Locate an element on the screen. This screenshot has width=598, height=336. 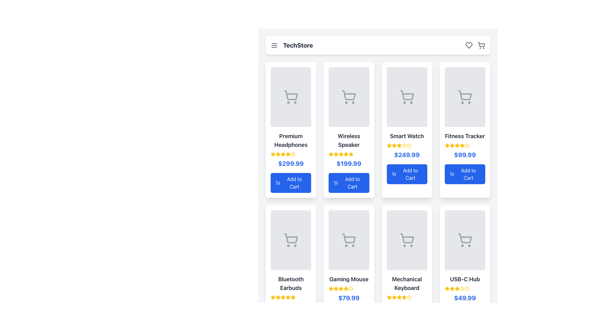
the Rating stars group located at the bottom of the Fitness Tracker product card, which visually indicates customer feedback or review levels is located at coordinates (465, 145).